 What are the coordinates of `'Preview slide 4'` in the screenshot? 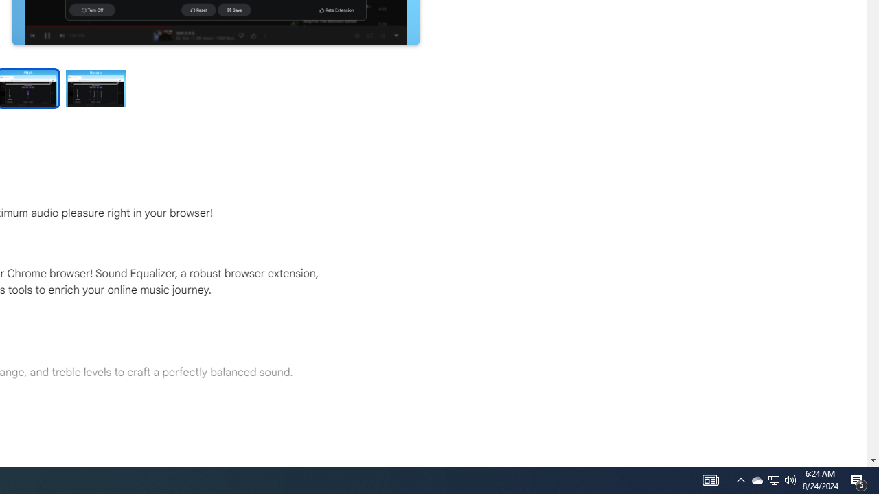 It's located at (95, 88).